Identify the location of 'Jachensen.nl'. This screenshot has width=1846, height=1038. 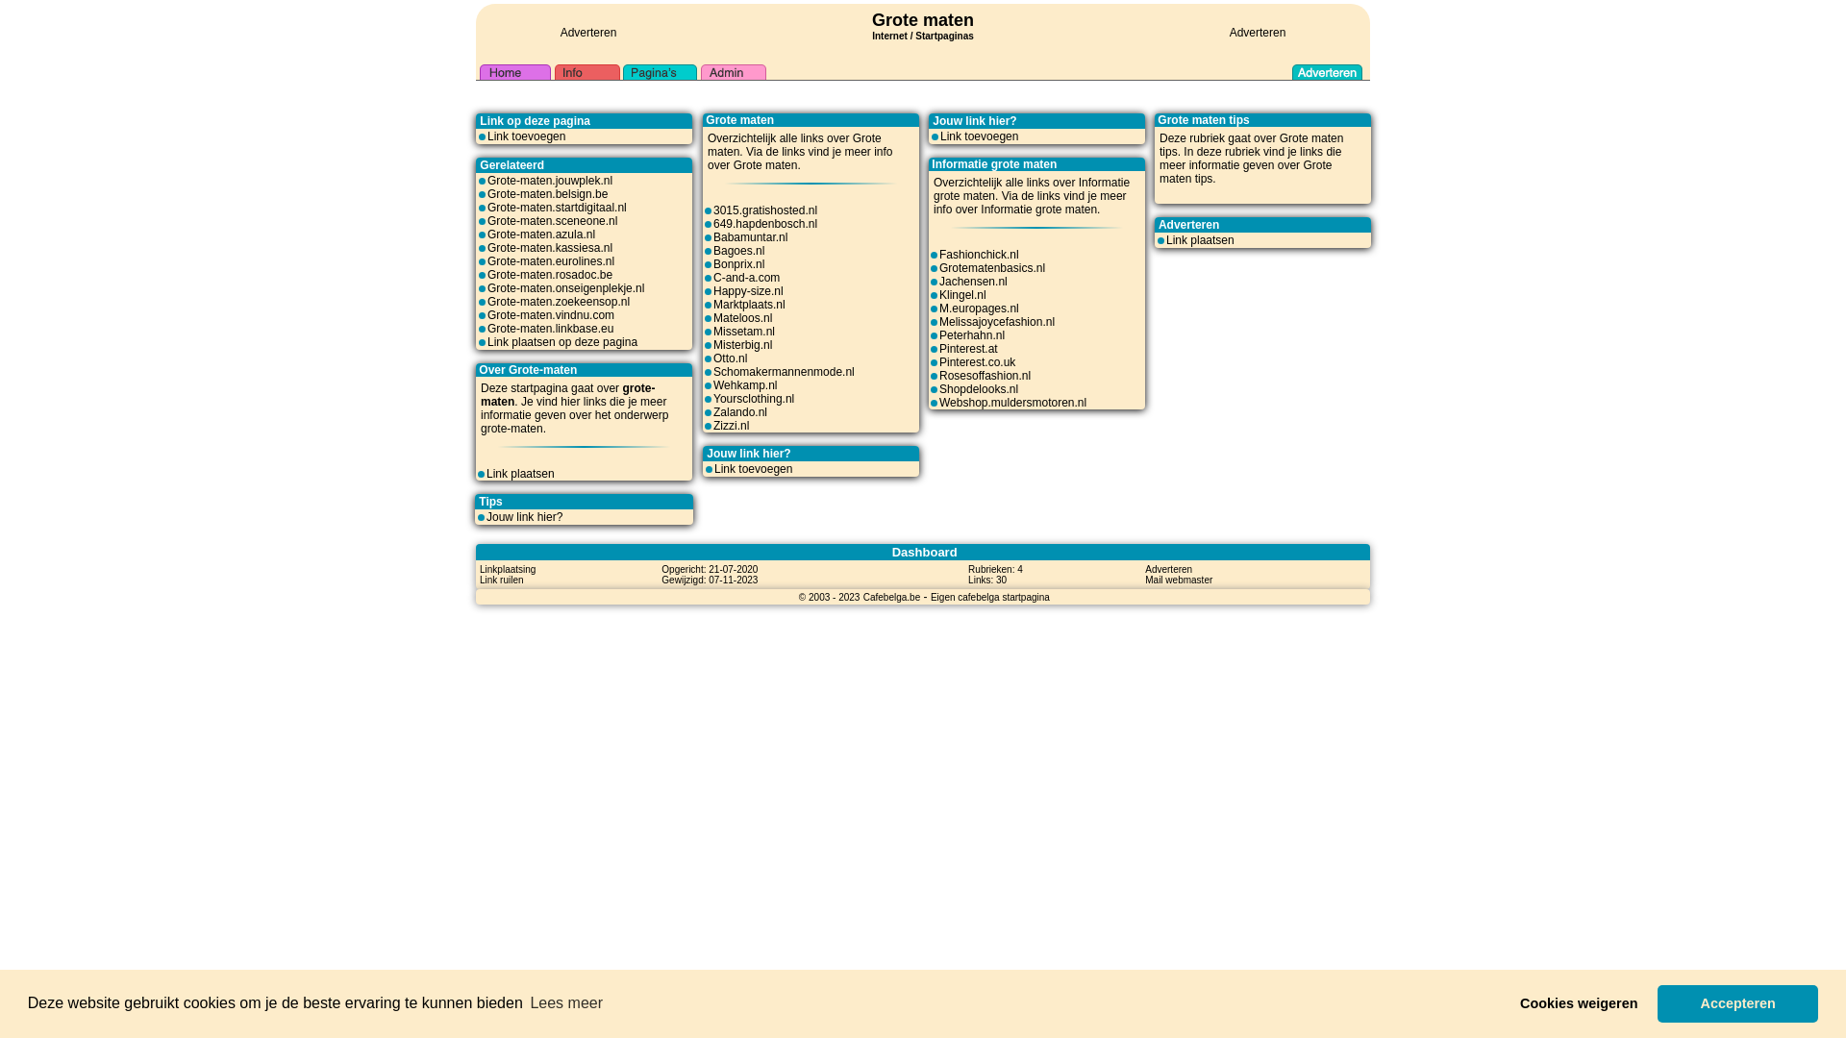
(973, 282).